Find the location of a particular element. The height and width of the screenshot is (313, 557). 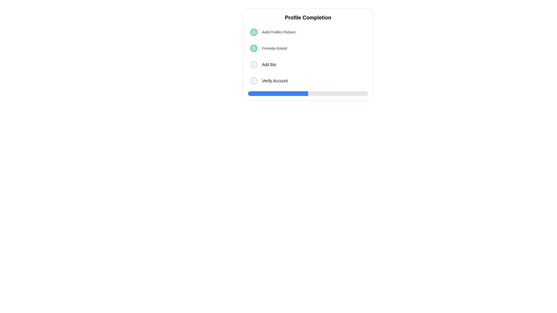

the status indicator icon that confirms the successful completion of the 'Provide Email' task in the user's profile setup process is located at coordinates (254, 32).